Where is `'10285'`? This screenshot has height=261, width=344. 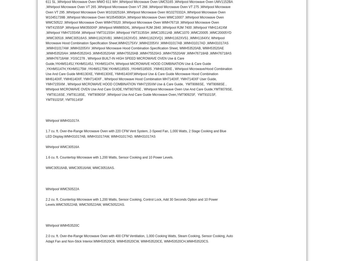
'10285' is located at coordinates (241, 21).